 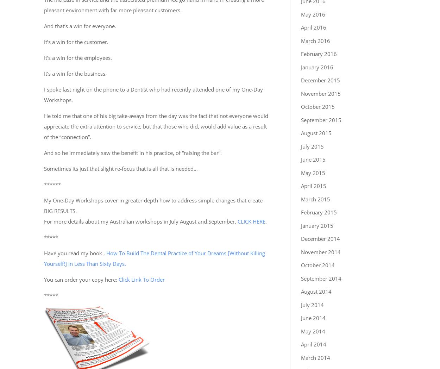 I want to click on 'September 2015', so click(x=321, y=119).